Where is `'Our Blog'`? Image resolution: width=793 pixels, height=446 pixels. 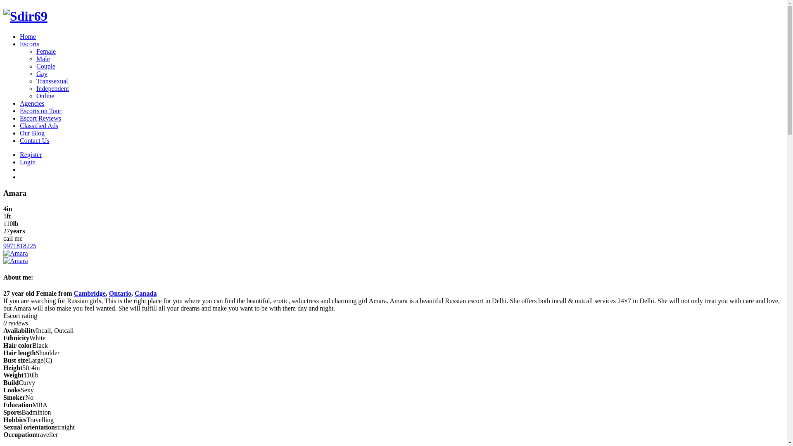
'Our Blog' is located at coordinates (20, 133).